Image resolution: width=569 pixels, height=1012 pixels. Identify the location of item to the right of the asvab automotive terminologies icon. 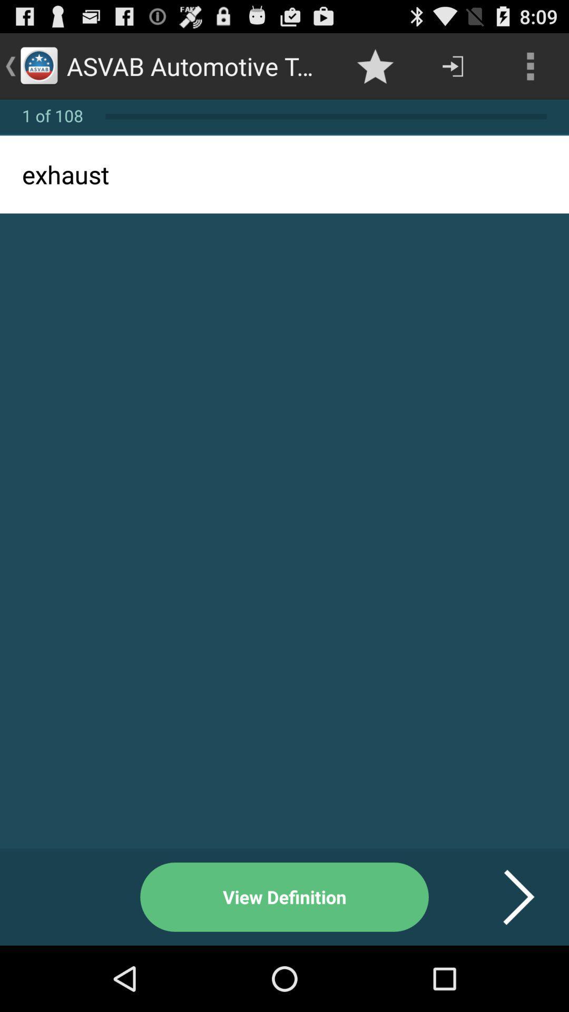
(375, 65).